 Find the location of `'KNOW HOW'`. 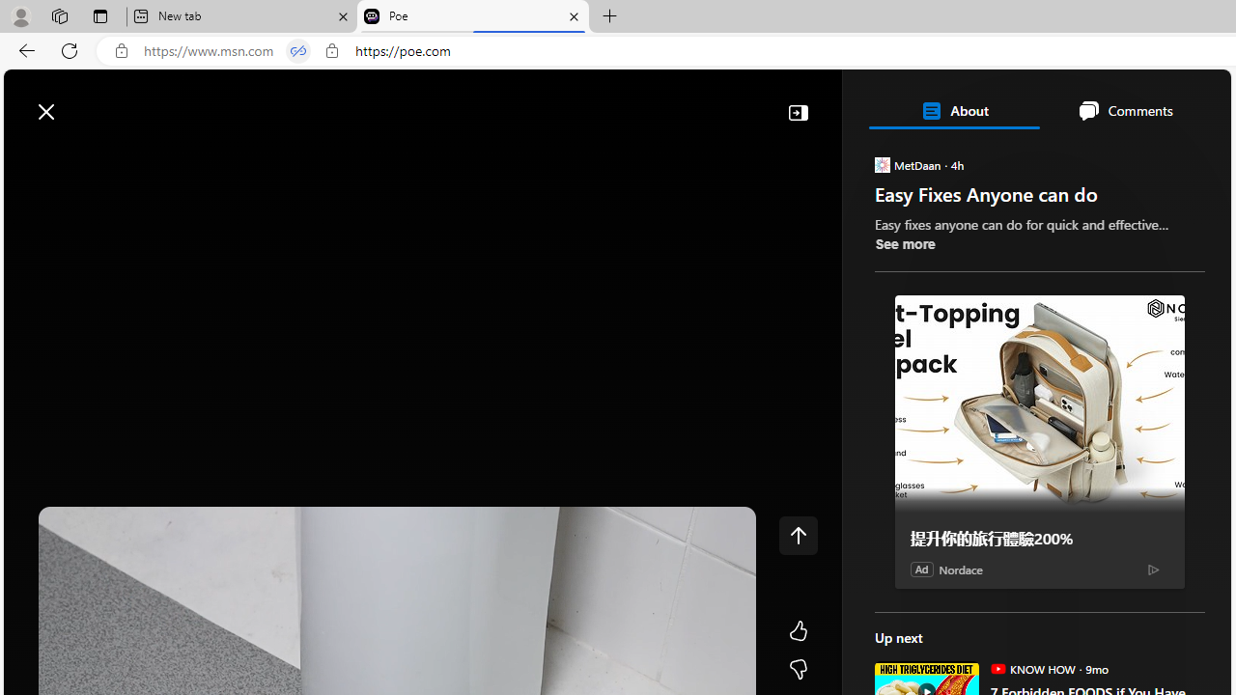

'KNOW HOW' is located at coordinates (997, 667).